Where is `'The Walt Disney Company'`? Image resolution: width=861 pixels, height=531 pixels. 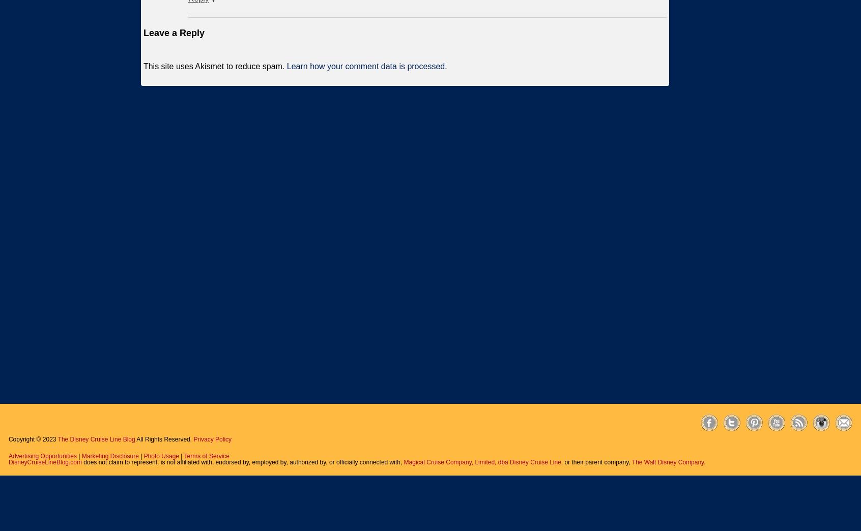
'The Walt Disney Company' is located at coordinates (667, 462).